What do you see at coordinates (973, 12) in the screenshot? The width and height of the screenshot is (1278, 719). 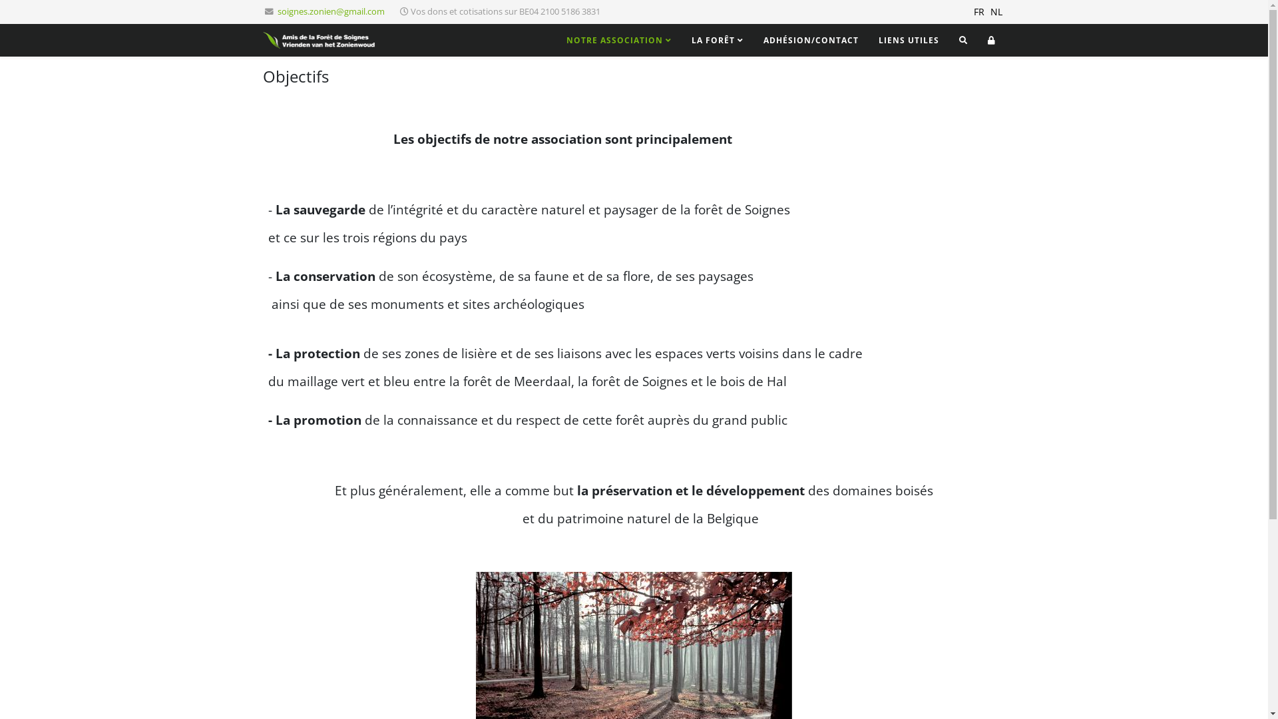 I see `'FR'` at bounding box center [973, 12].